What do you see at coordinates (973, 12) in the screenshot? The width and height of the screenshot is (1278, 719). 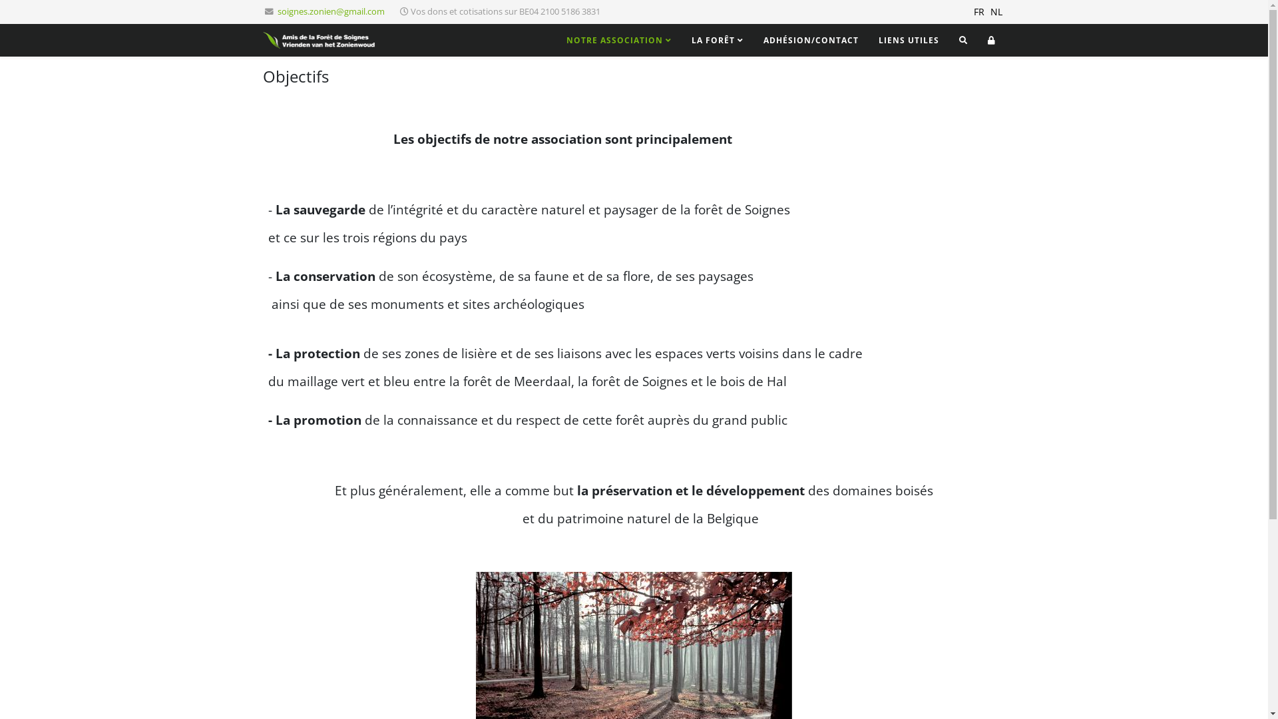 I see `'FR'` at bounding box center [973, 12].